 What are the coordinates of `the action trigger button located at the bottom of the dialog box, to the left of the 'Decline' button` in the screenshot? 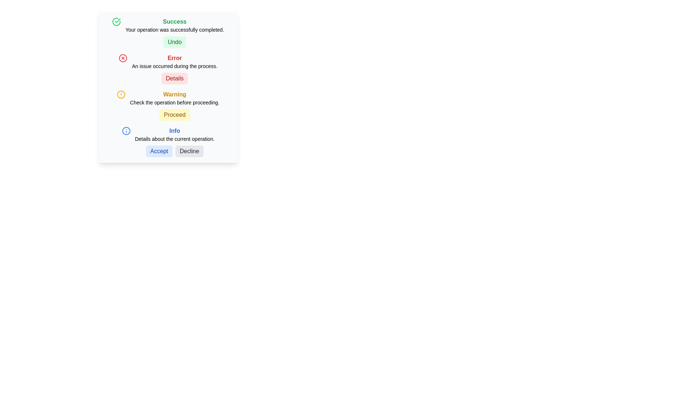 It's located at (158, 151).